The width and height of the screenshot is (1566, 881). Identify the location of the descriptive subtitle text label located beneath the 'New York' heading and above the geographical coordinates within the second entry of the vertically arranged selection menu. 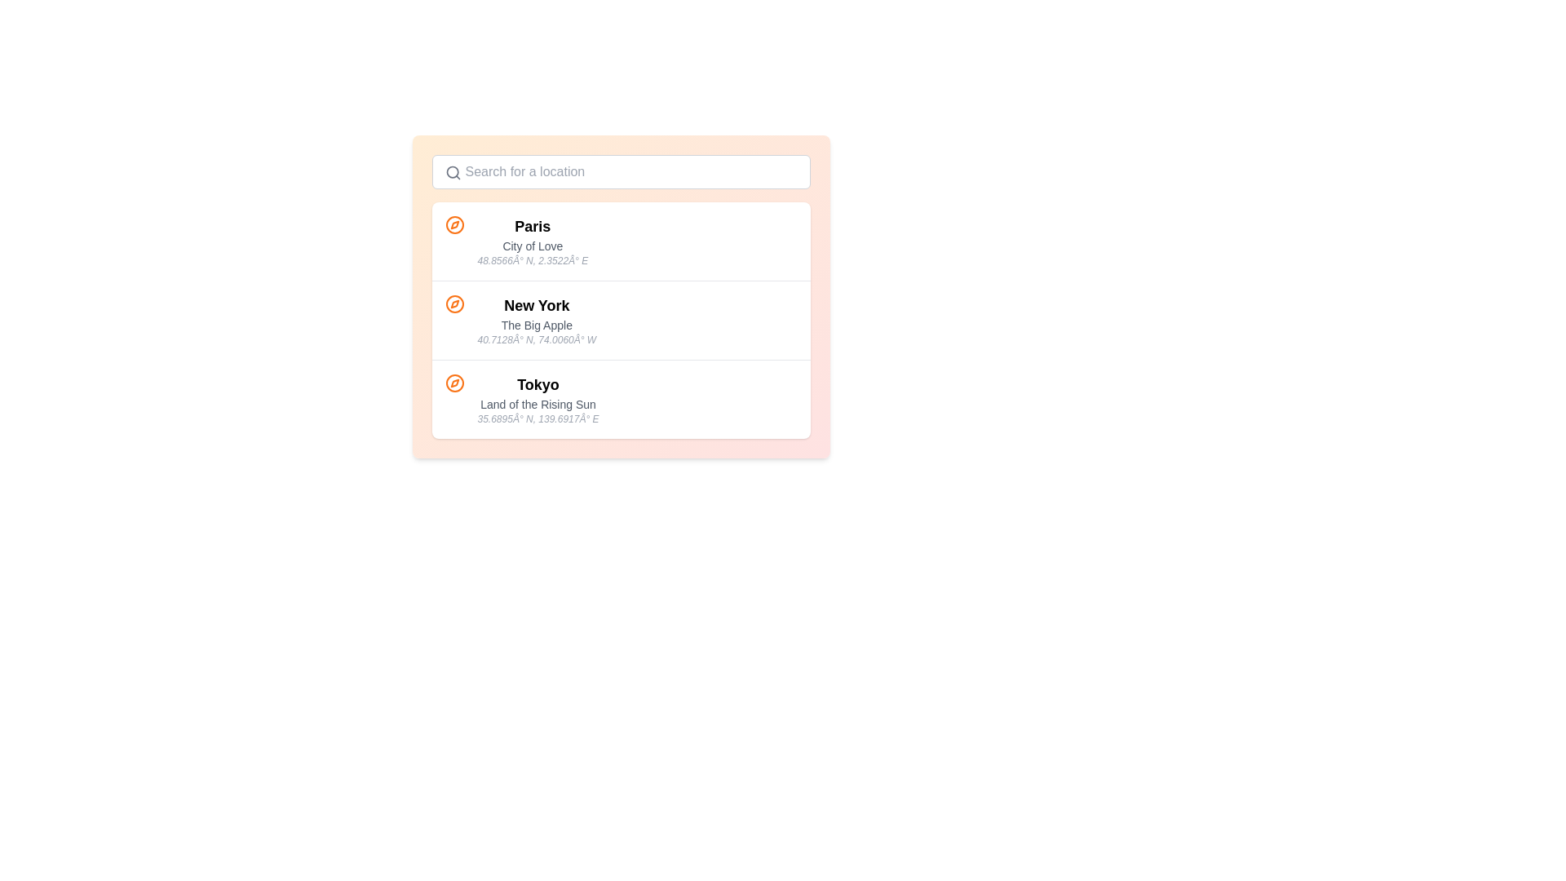
(537, 325).